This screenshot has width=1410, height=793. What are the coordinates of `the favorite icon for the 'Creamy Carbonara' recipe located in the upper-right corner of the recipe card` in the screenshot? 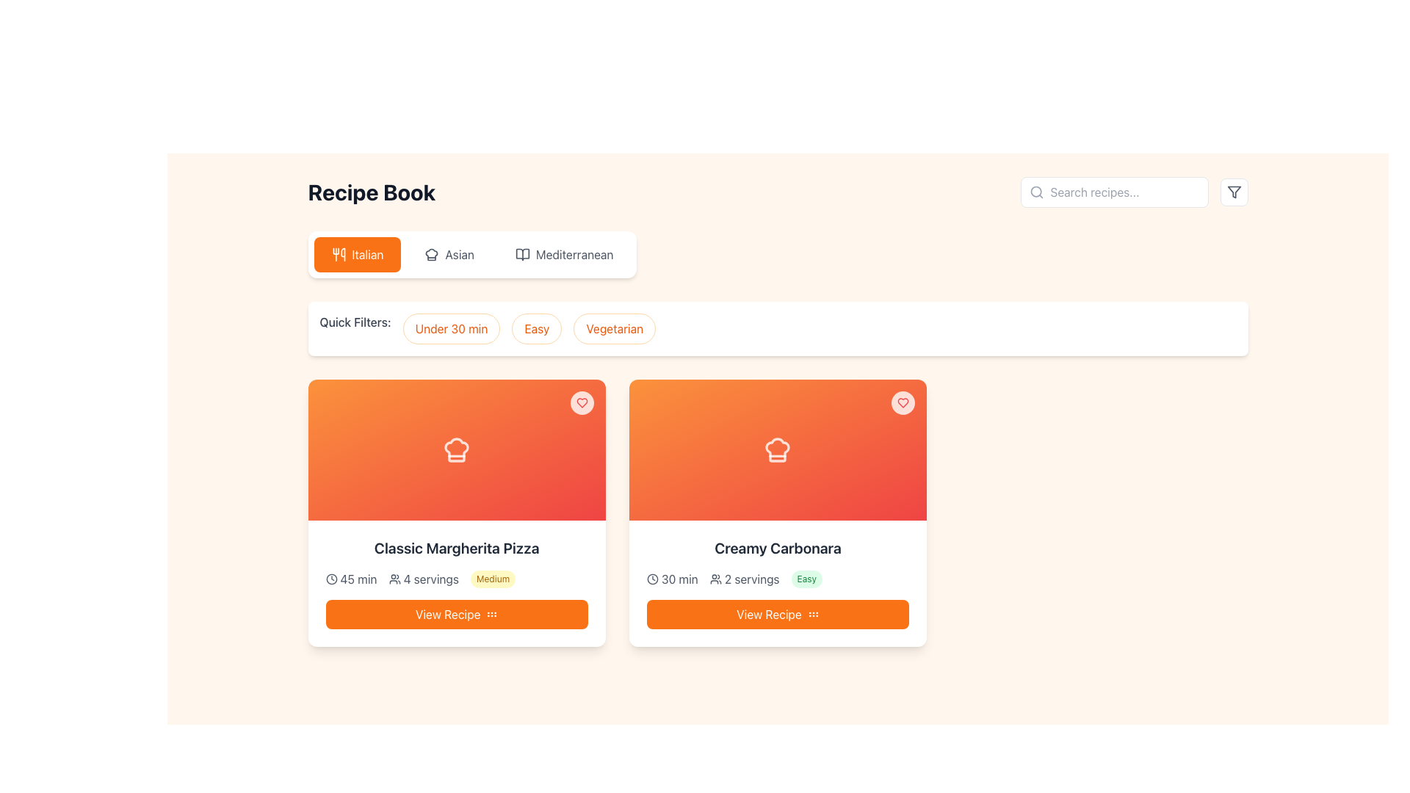 It's located at (903, 402).